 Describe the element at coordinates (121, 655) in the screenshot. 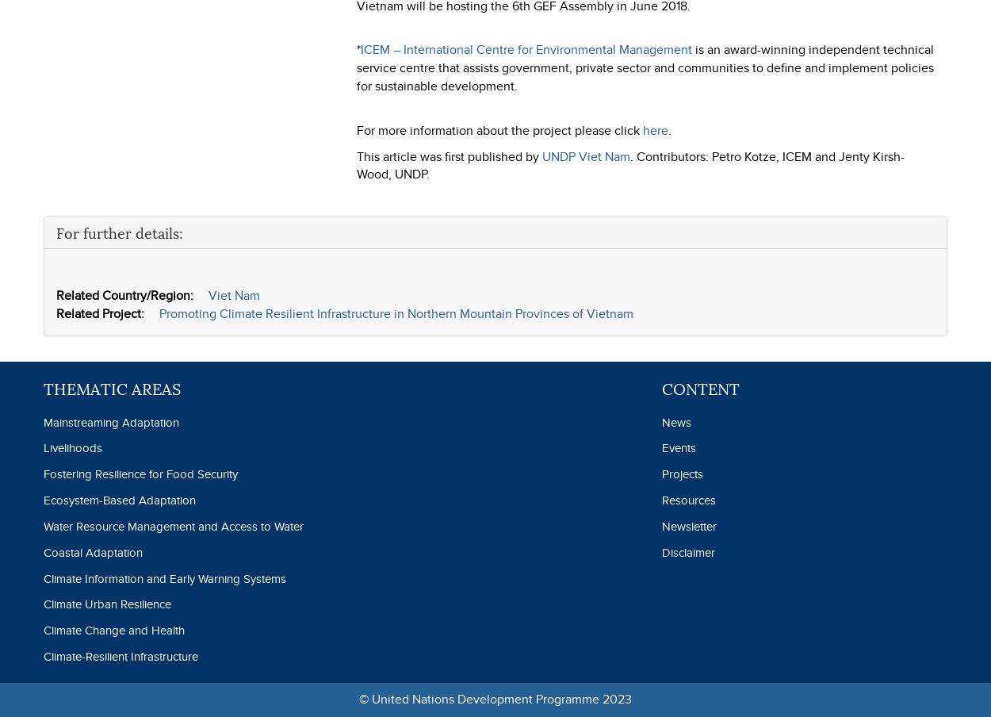

I see `'Climate-Resilient Infrastructure'` at that location.